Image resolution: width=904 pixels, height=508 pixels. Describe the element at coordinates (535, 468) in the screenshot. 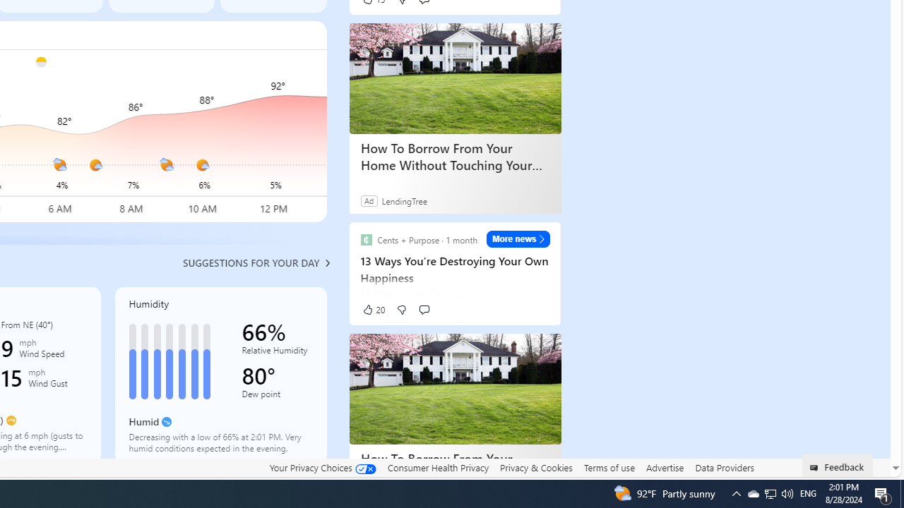

I see `'Privacy & Cookies'` at that location.